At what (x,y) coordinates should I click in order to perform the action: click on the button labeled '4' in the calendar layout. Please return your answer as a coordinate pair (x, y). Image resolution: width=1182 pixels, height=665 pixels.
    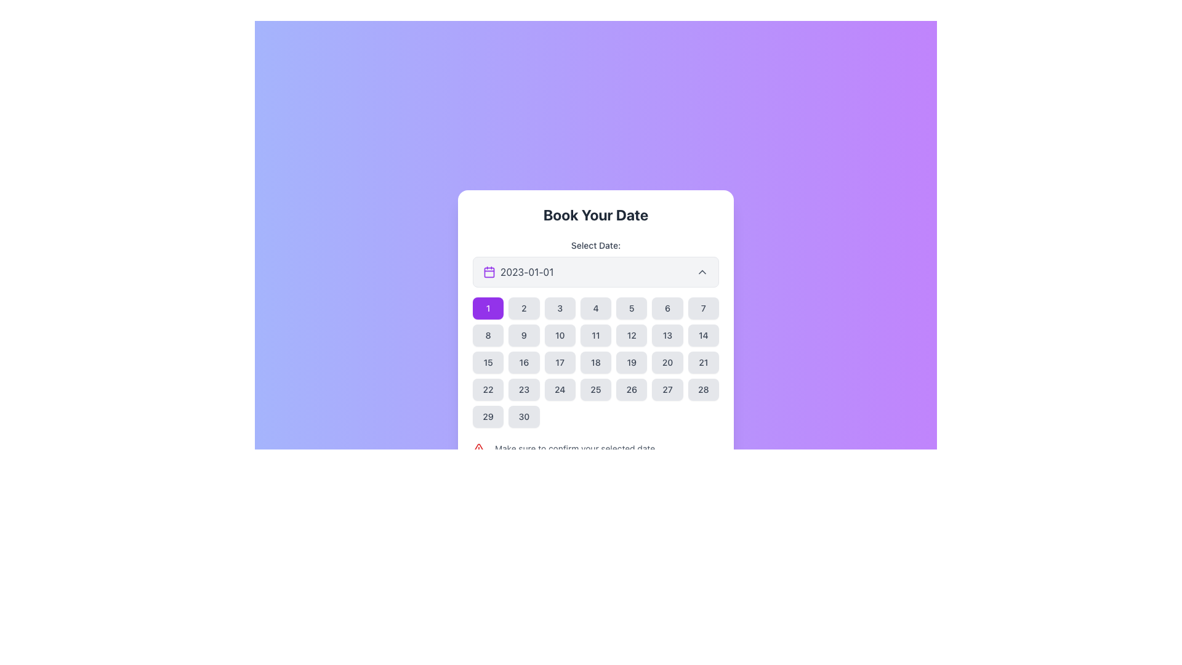
    Looking at the image, I should click on (596, 308).